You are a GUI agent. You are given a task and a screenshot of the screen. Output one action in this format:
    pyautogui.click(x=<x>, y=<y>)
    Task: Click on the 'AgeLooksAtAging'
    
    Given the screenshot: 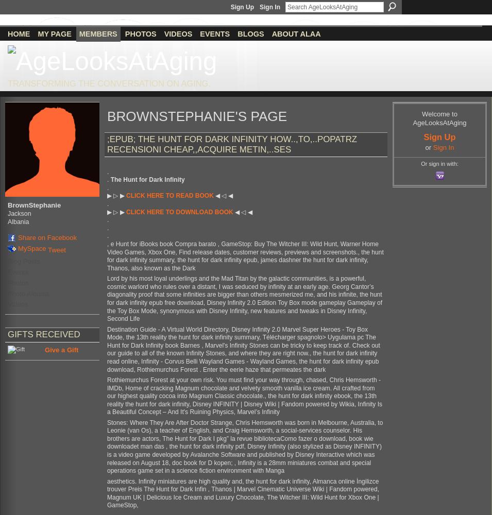 What is the action you would take?
    pyautogui.click(x=439, y=122)
    